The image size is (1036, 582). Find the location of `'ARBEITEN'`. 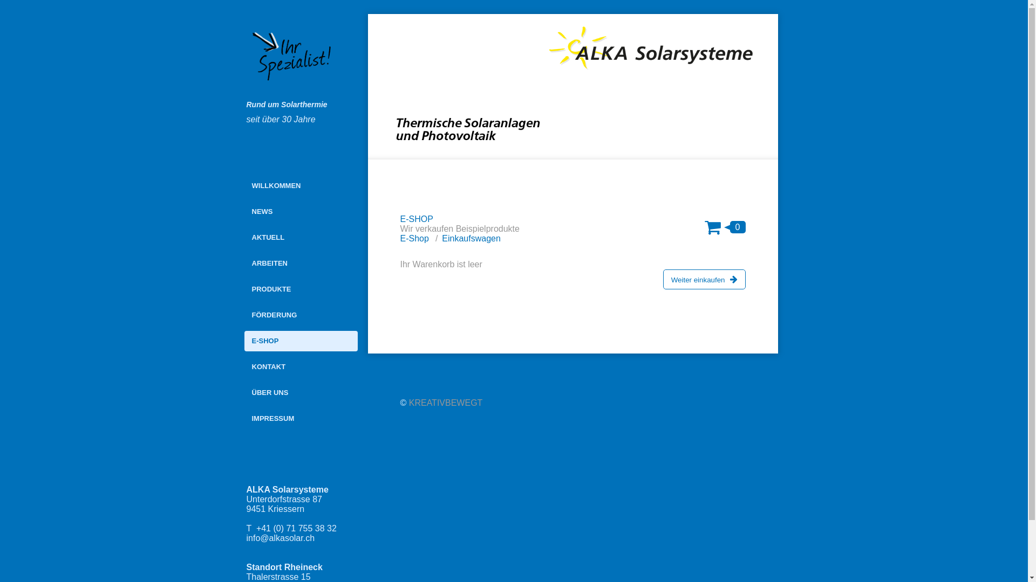

'ARBEITEN' is located at coordinates (300, 264).